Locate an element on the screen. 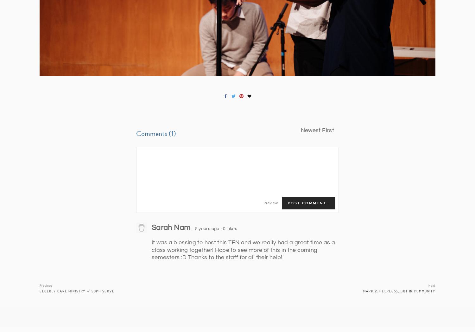 The height and width of the screenshot is (332, 475). 'It was a blessing to host this TFN and we really had a great time as a class working together! Hope to see more of this in the coming semesters :D Thanks to the staff for all their help!' is located at coordinates (243, 250).